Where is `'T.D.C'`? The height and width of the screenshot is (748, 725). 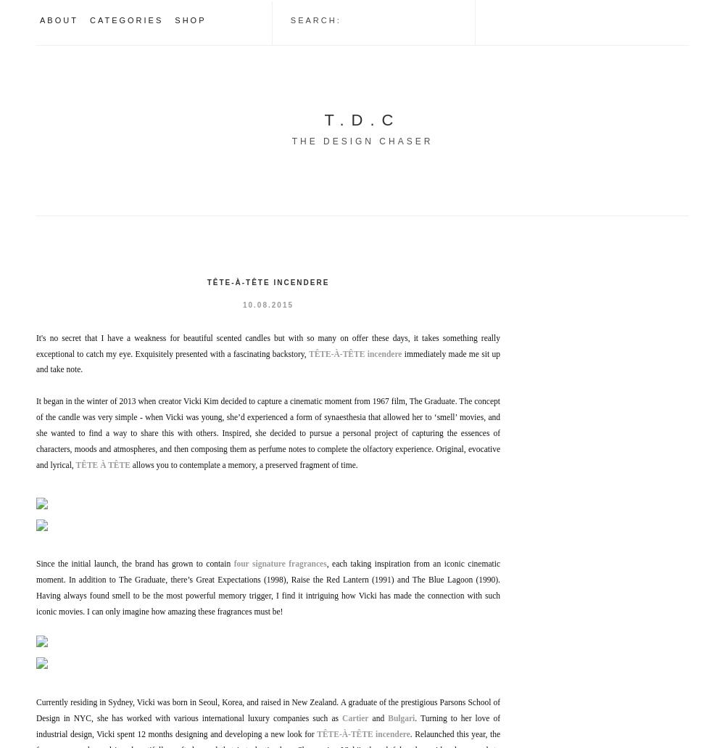
'T.D.C' is located at coordinates (323, 119).